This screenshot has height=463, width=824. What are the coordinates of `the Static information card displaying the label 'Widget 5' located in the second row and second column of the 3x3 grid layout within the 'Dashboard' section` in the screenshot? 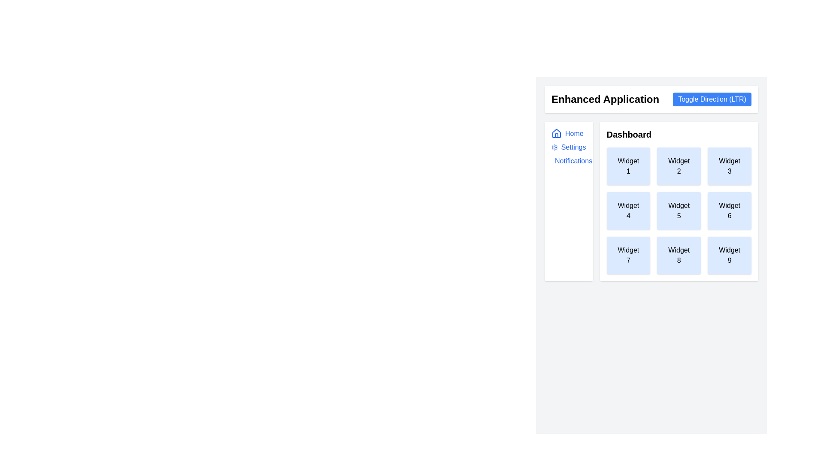 It's located at (679, 211).